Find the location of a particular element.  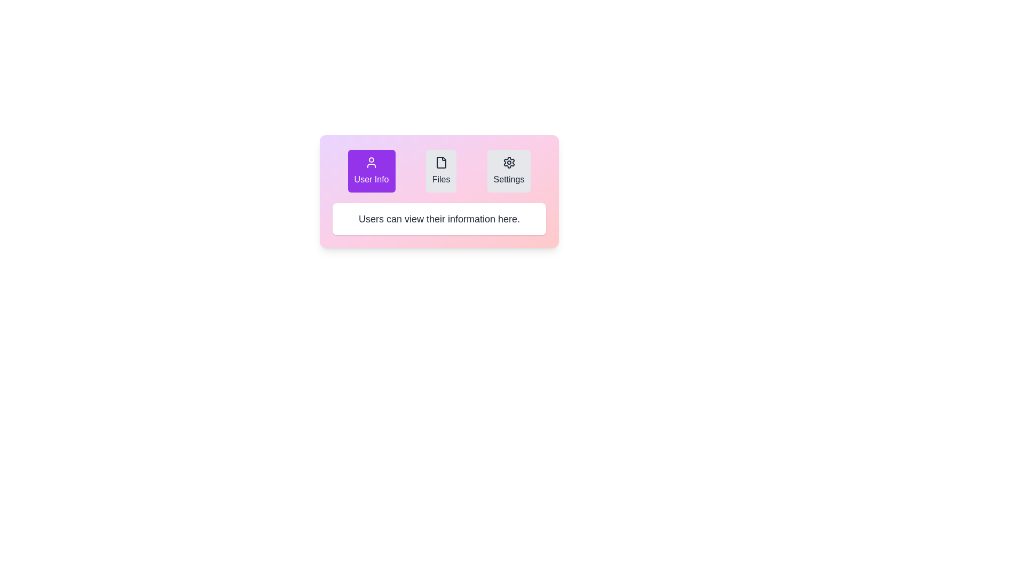

the 'Files' button, which is the center button in a horizontal group of three buttons, to change its appearance is located at coordinates (441, 170).